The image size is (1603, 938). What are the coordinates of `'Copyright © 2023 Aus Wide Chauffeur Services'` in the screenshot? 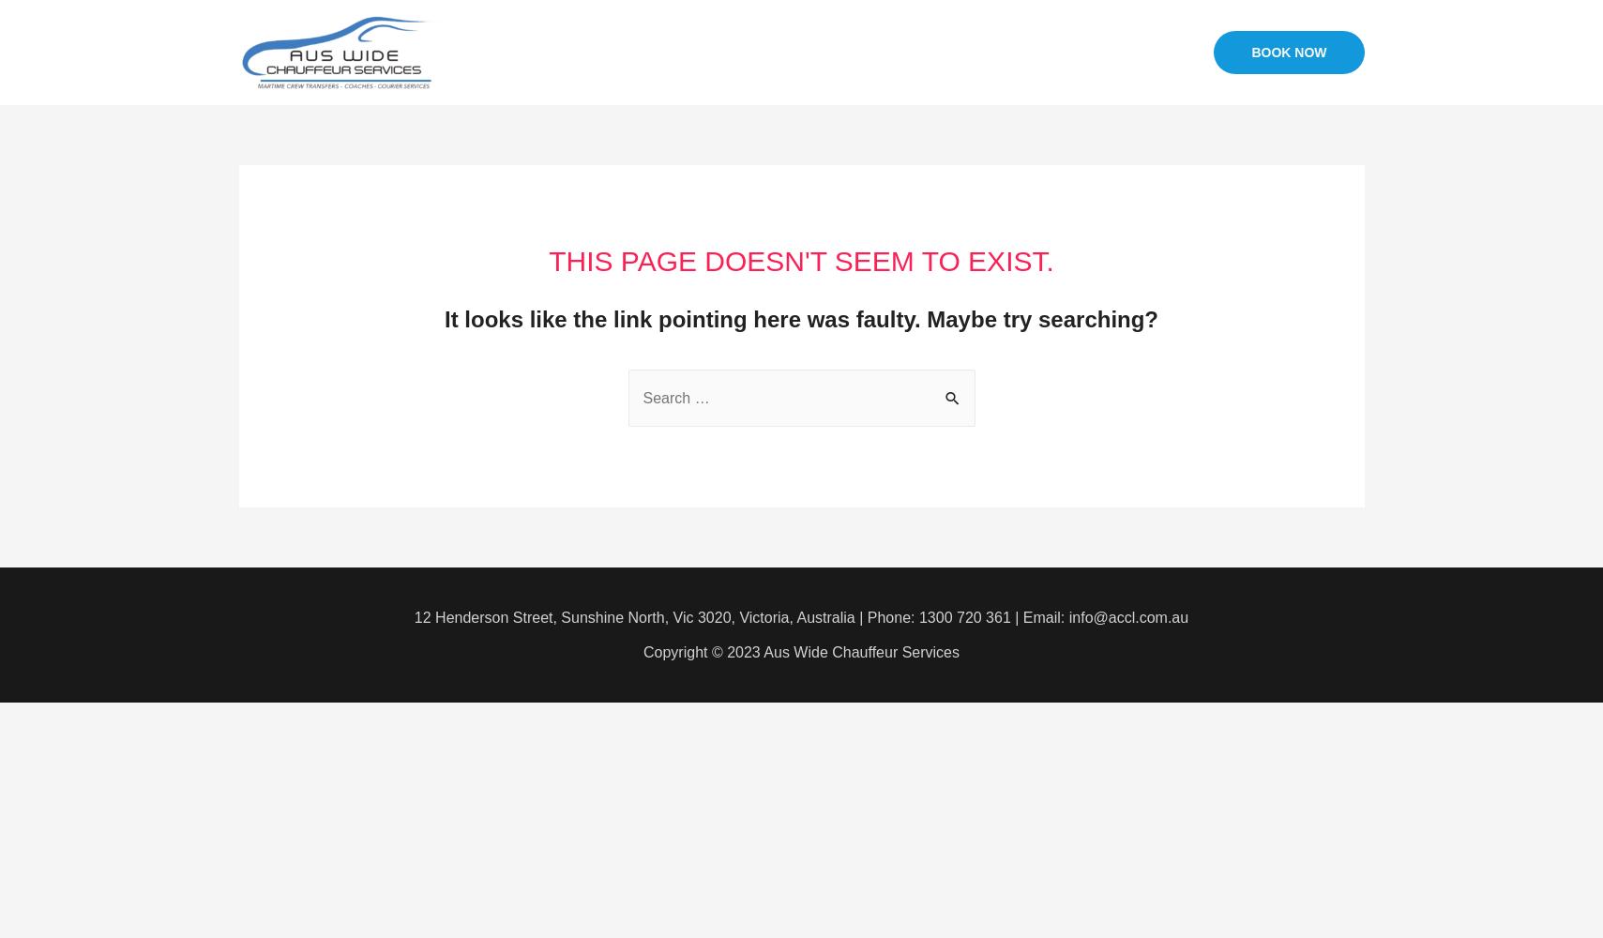 It's located at (800, 651).